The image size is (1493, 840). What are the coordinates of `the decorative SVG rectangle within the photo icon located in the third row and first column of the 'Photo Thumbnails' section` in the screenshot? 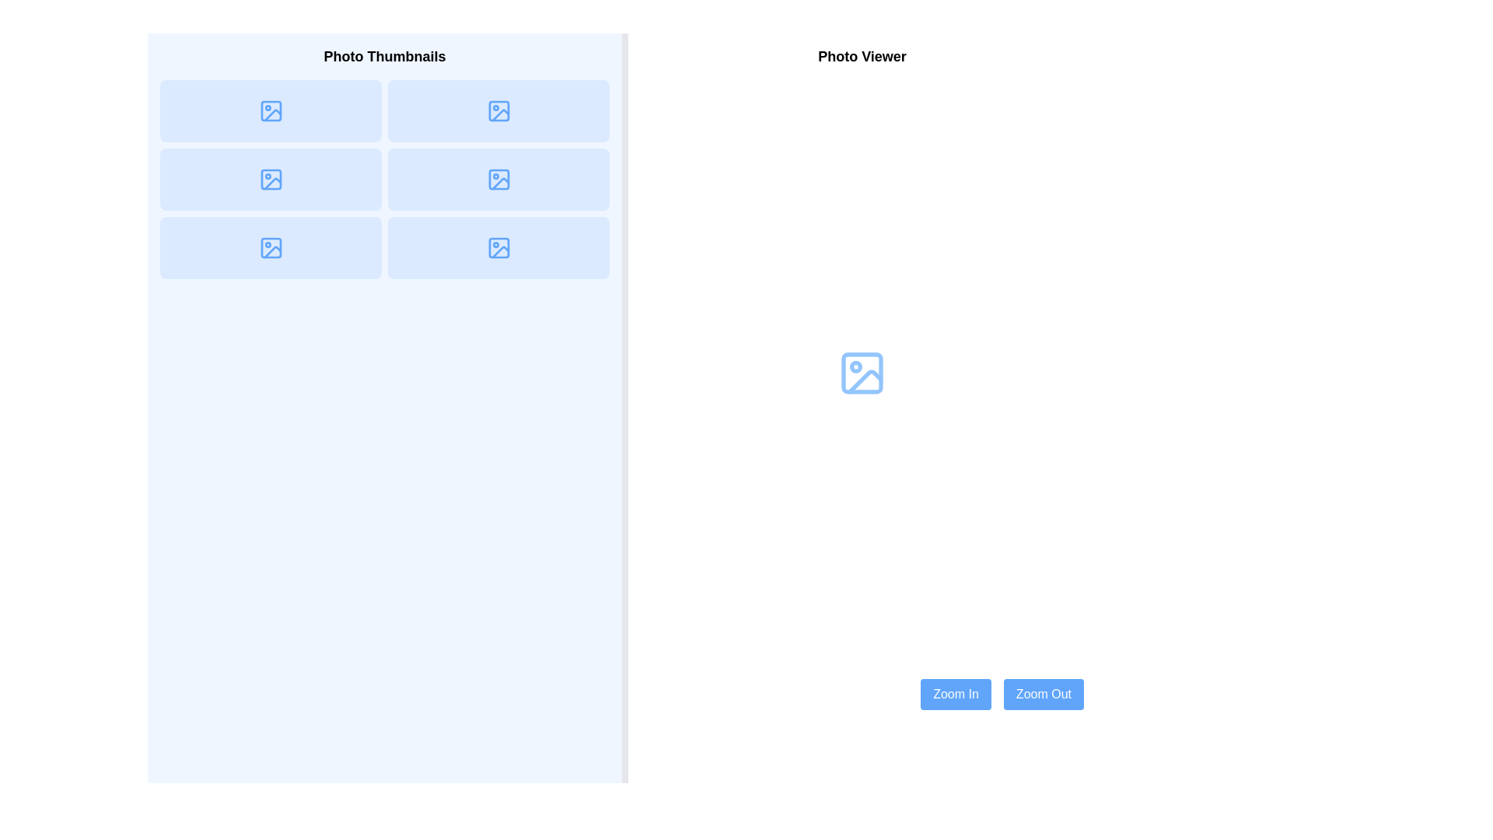 It's located at (271, 247).